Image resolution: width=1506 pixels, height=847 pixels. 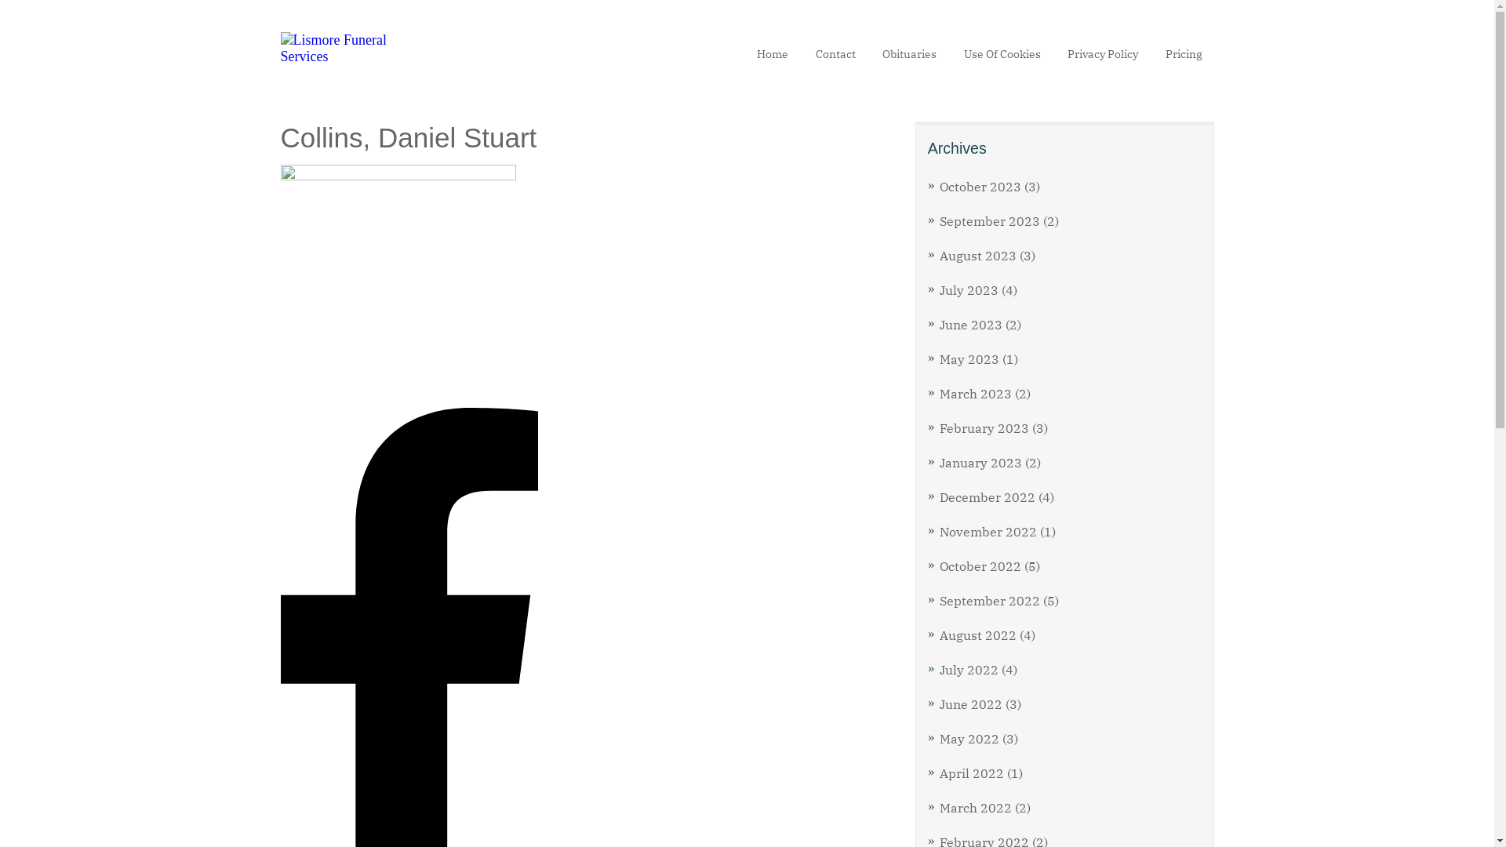 I want to click on 'Obituaries', so click(x=882, y=53).